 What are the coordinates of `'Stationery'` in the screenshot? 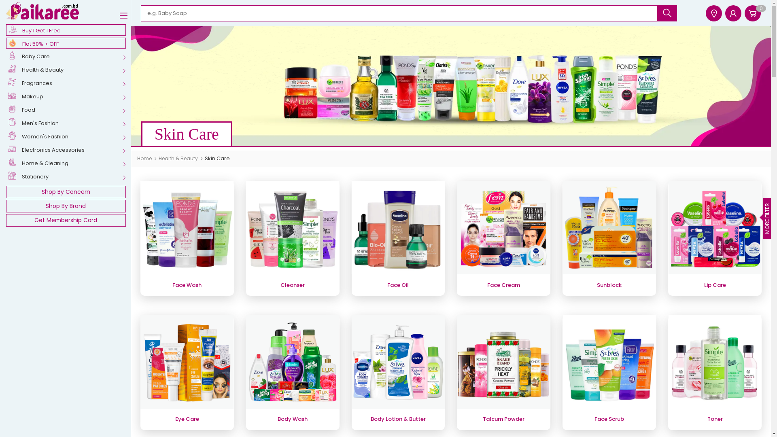 It's located at (68, 177).